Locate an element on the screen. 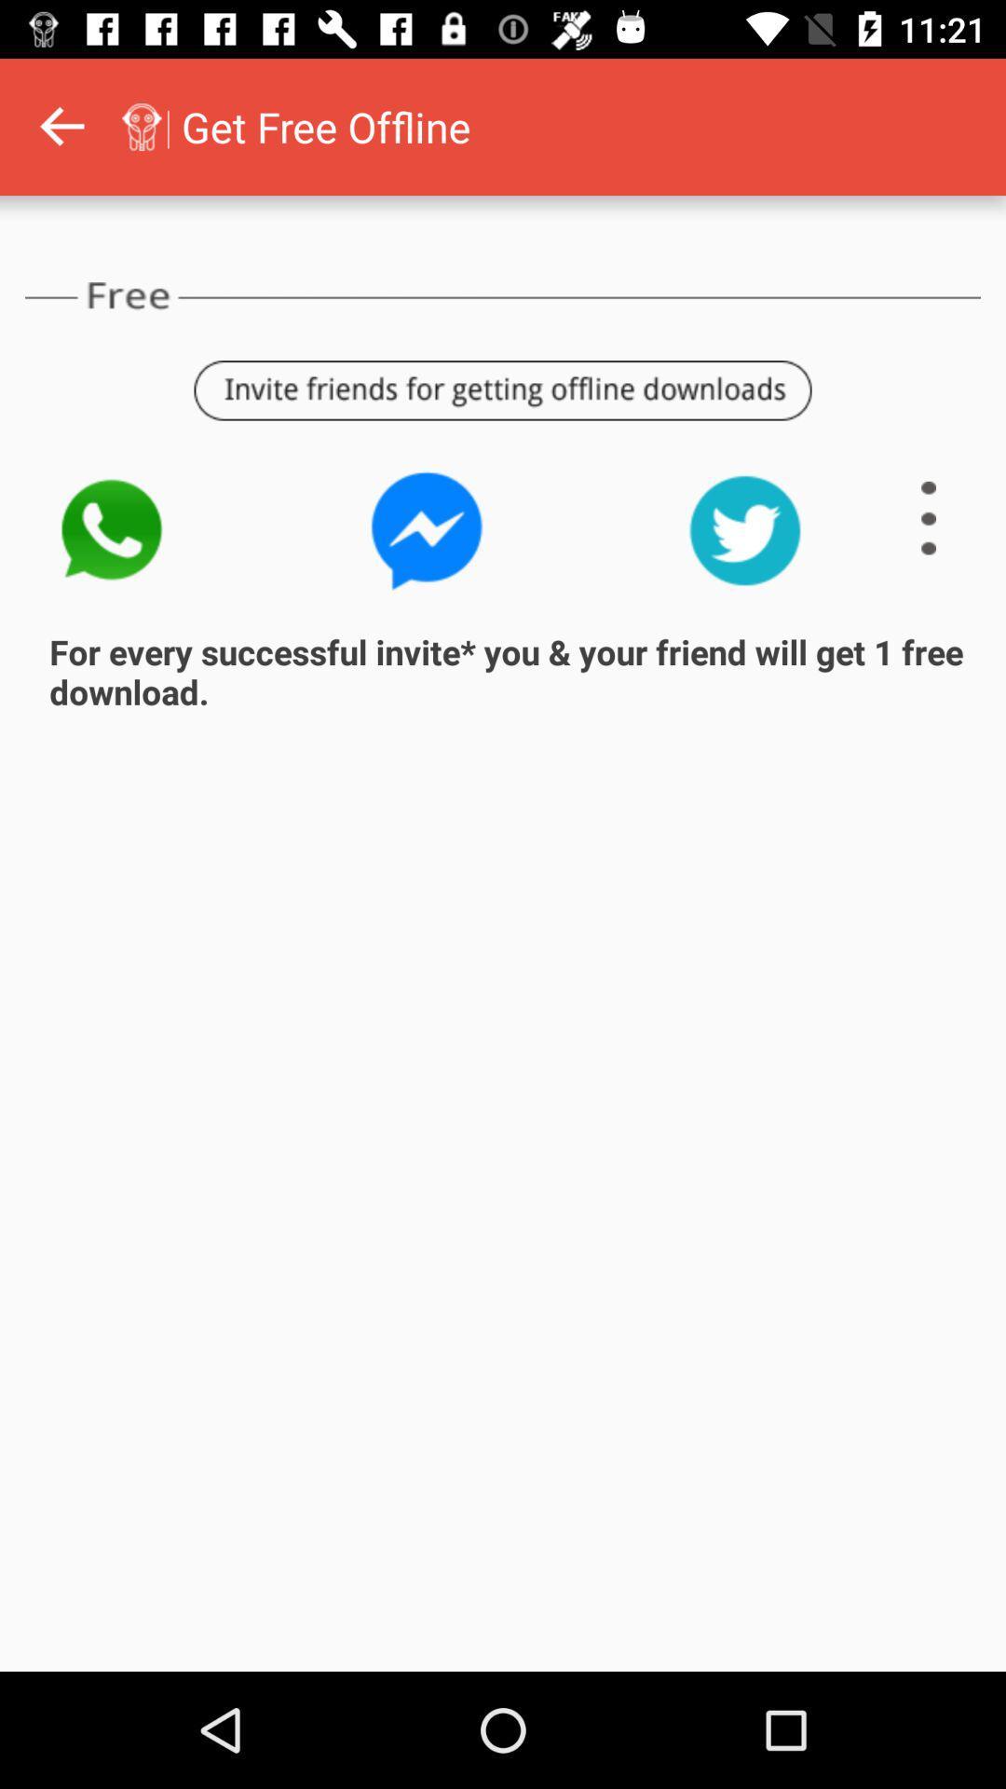 The width and height of the screenshot is (1006, 1789). share to twitter is located at coordinates (744, 529).